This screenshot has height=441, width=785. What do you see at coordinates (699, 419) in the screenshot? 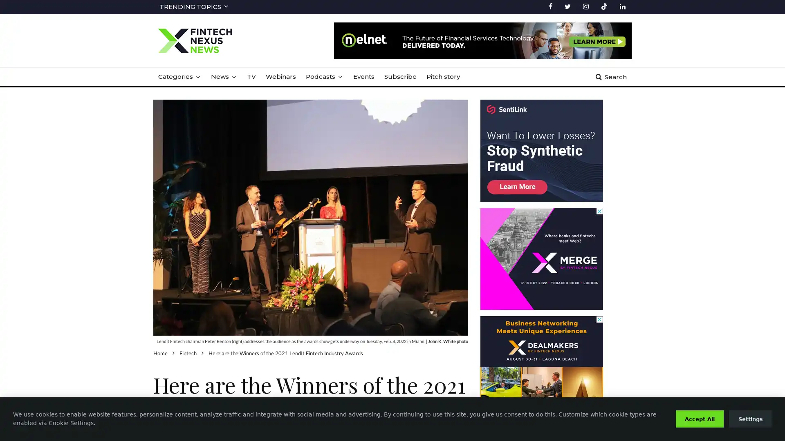
I see `Accept All` at bounding box center [699, 419].